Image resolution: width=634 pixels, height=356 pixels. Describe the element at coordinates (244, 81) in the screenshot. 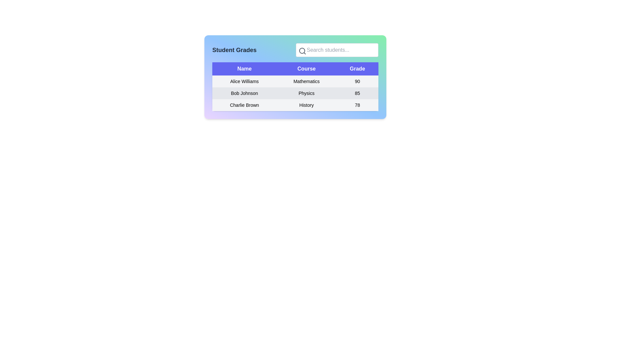

I see `the non-interactive label that displays the student's name, located in the first column of the table under 'Name'` at that location.